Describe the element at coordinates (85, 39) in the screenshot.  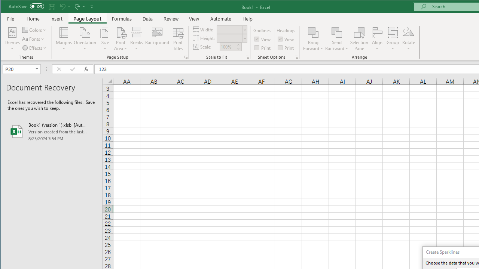
I see `'Orientation'` at that location.